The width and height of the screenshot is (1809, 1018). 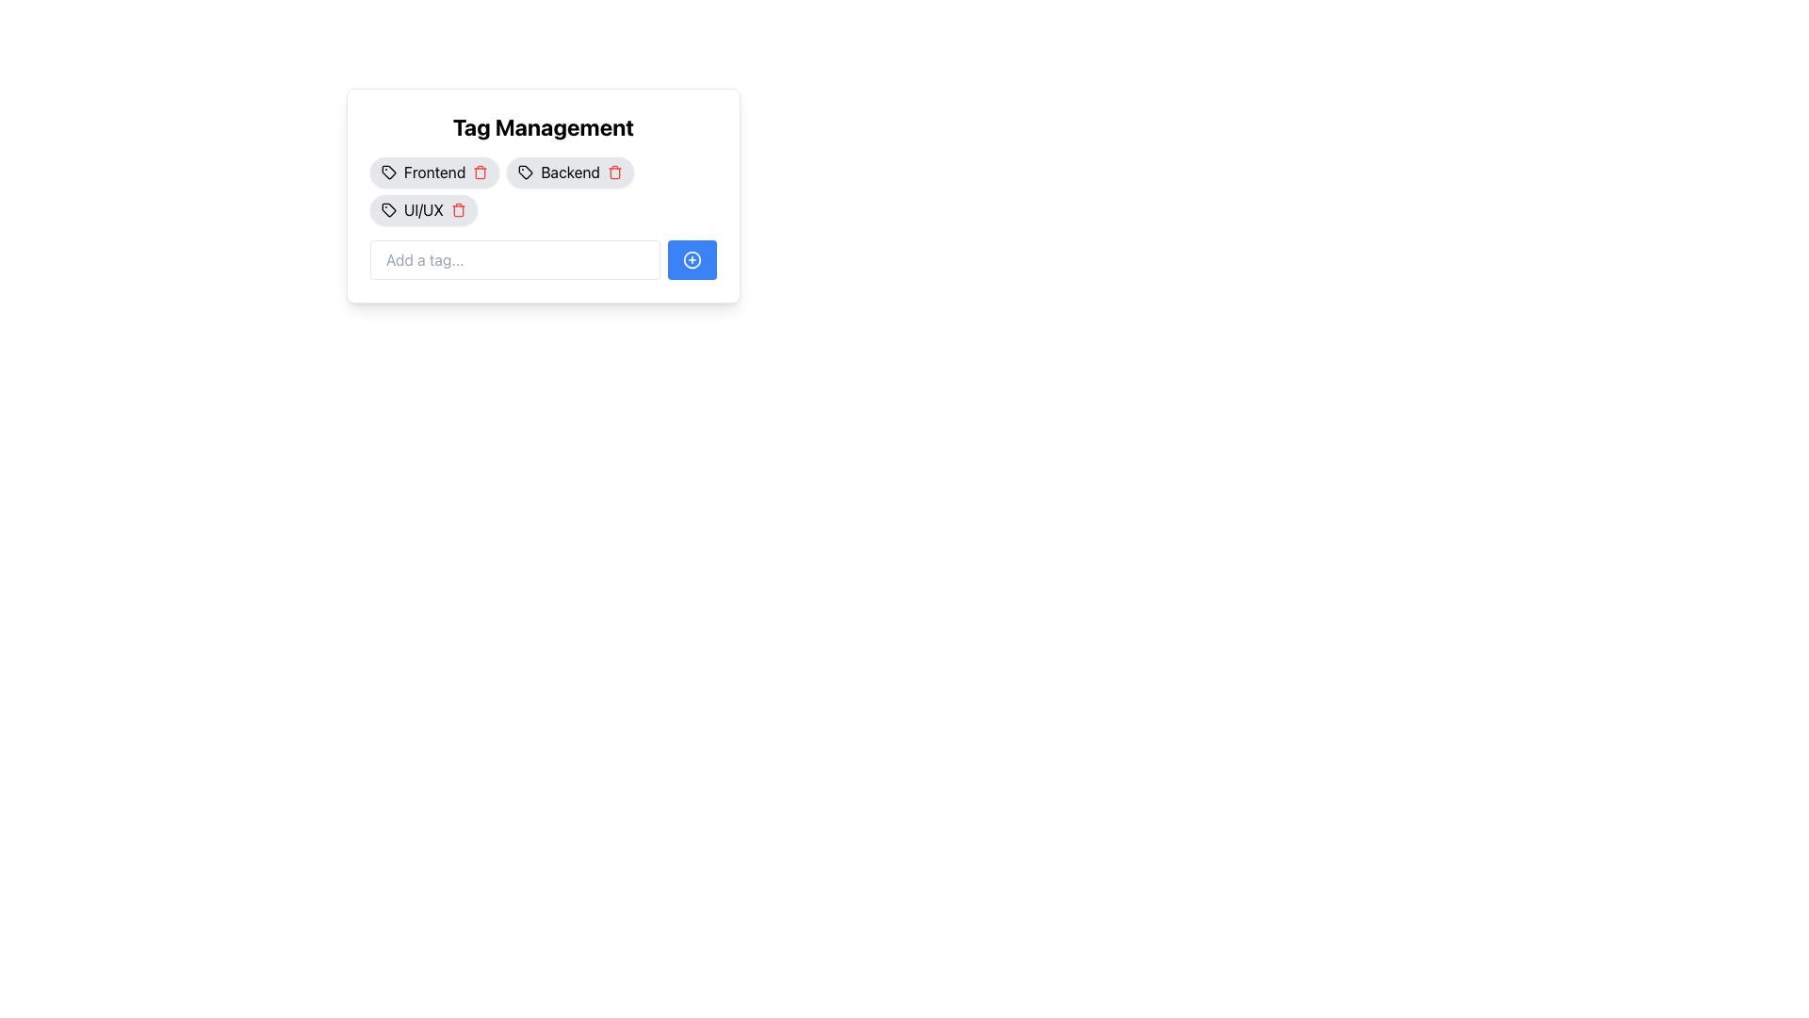 I want to click on the blue circular button with a white border and a white plus sign inside, located at the far right of the input area labeled 'Add a tag...', so click(x=691, y=260).